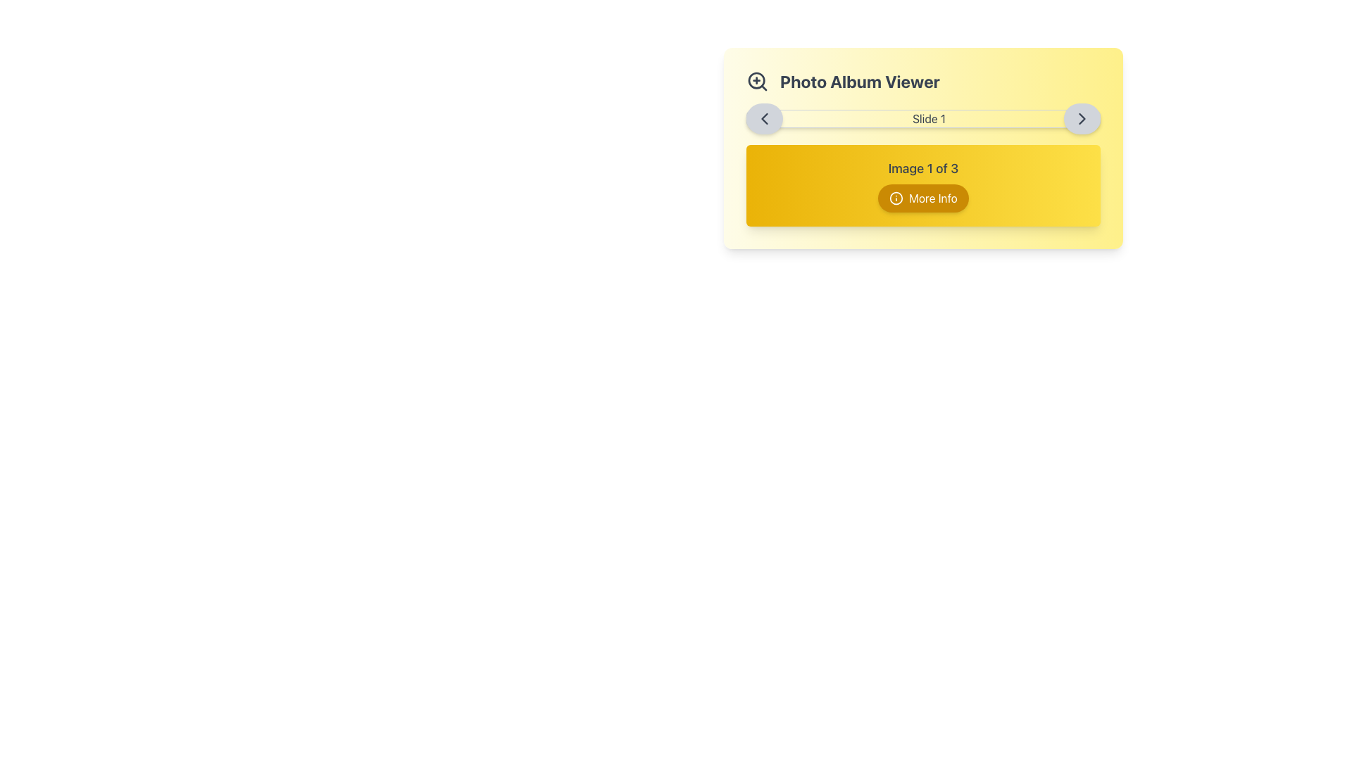  Describe the element at coordinates (923, 198) in the screenshot. I see `the rounded yellow button labeled 'More Info' with an icon of an encircled letter 'i'` at that location.